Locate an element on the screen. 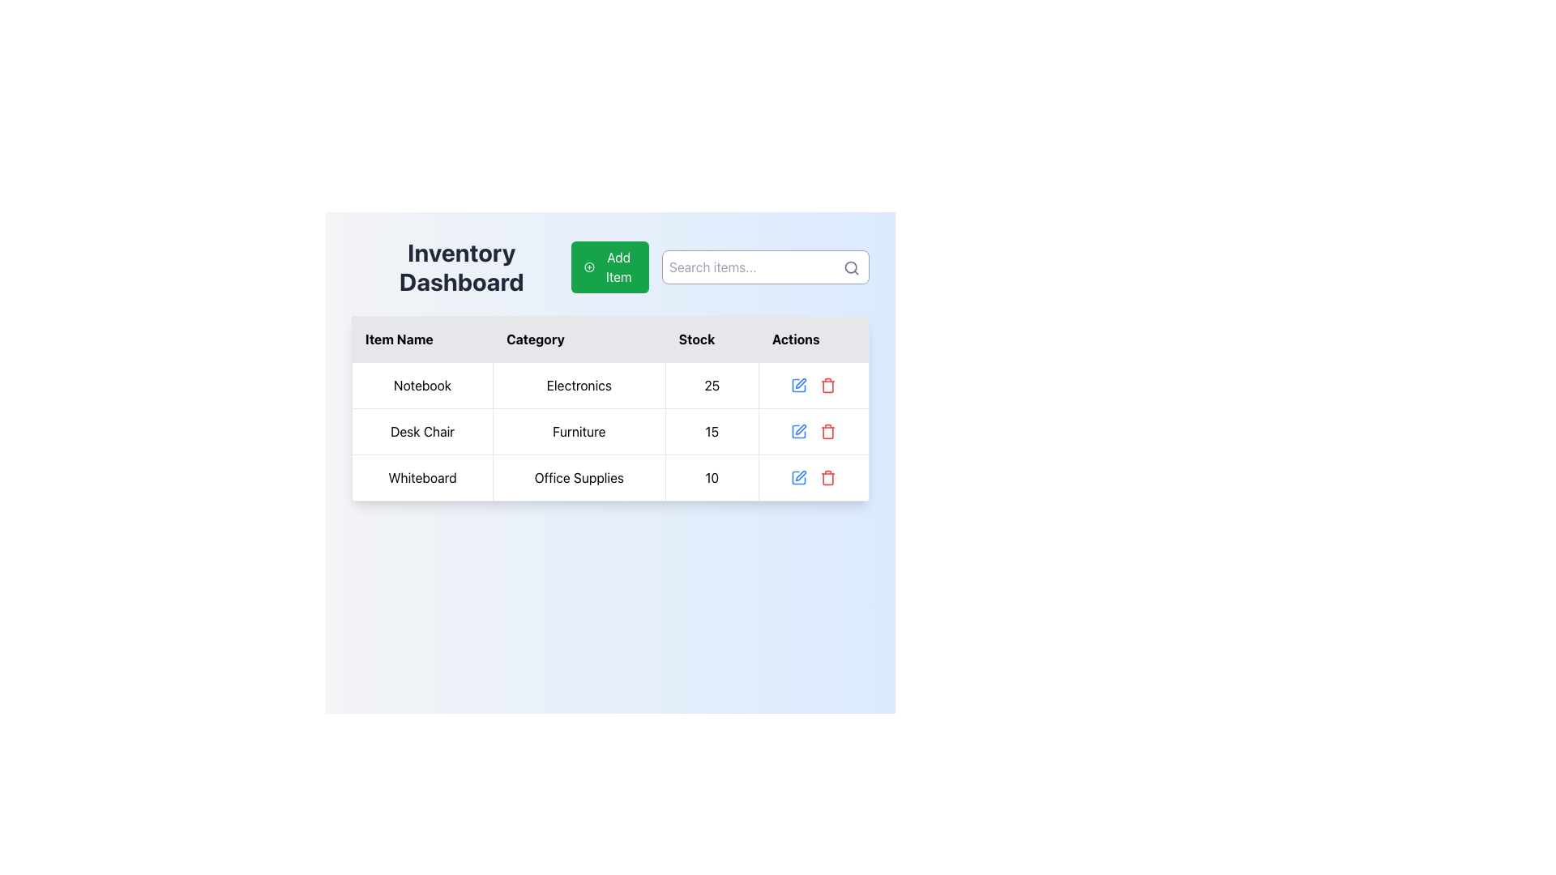 The image size is (1556, 875). the edit icon button located in the 'Actions' column of the first row of the inventory table to initiate editing for the inventory item 'Notebook' is located at coordinates (799, 385).